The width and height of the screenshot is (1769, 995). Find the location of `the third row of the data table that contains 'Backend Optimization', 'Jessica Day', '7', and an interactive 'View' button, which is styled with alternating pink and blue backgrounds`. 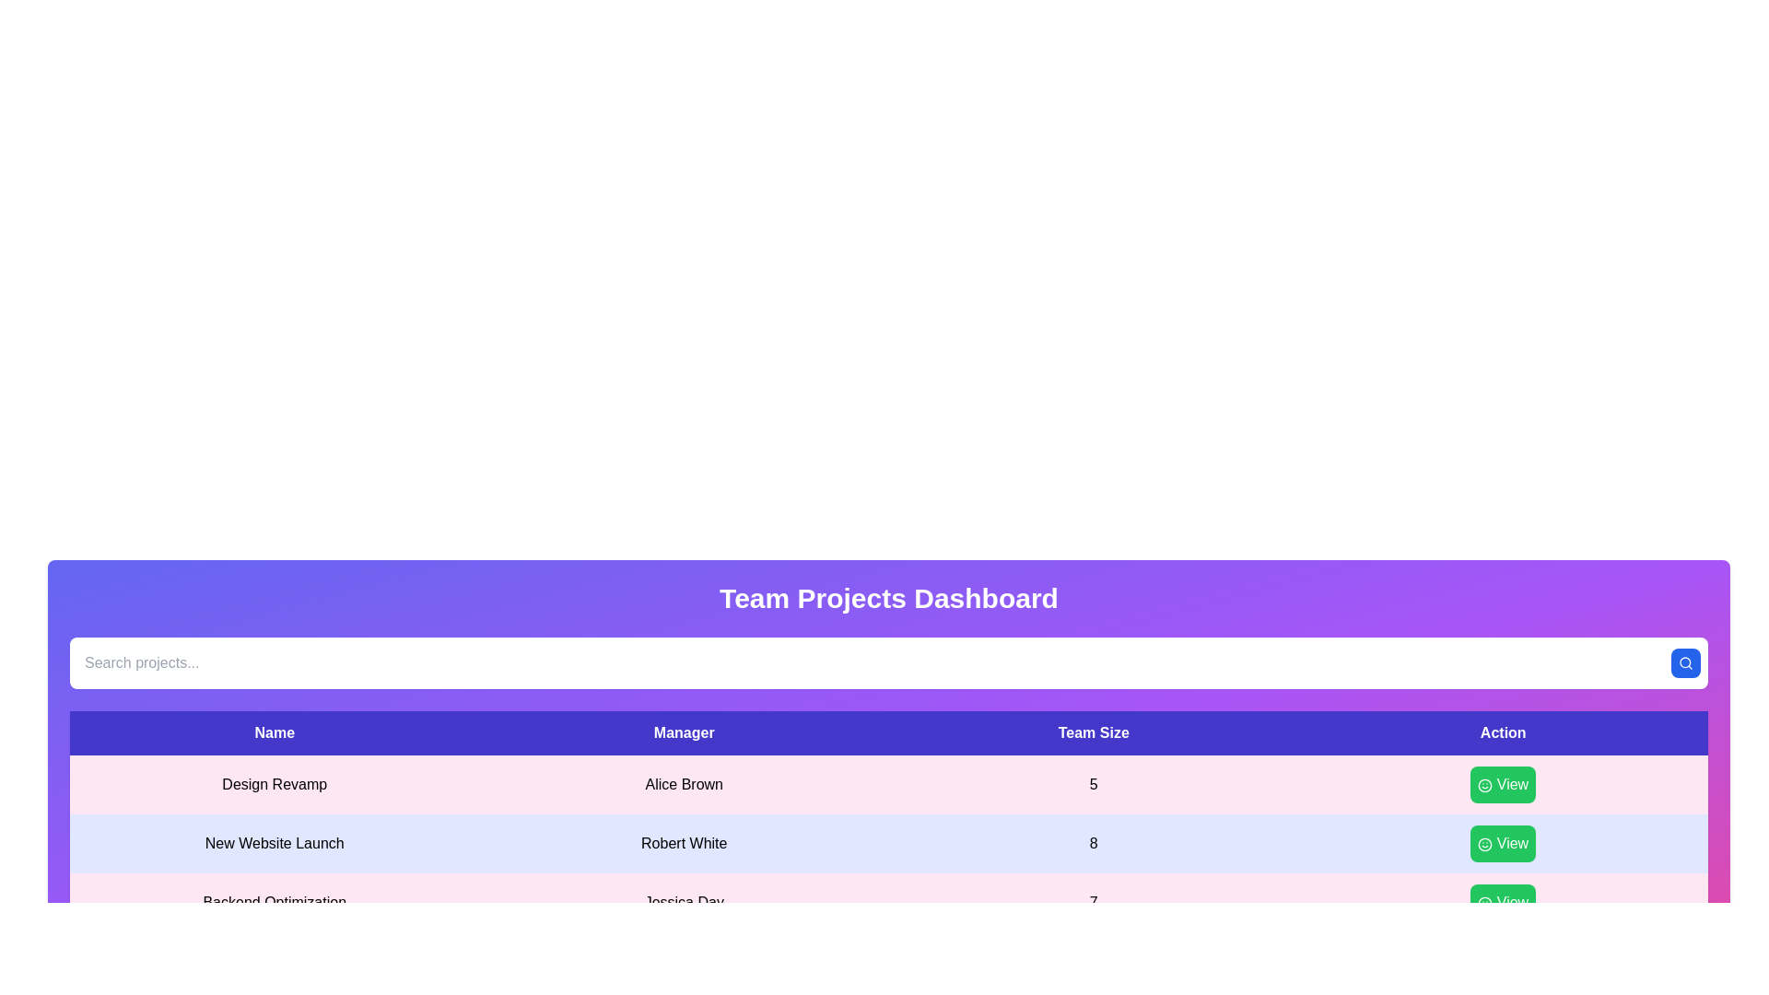

the third row of the data table that contains 'Backend Optimization', 'Jessica Day', '7', and an interactive 'View' button, which is styled with alternating pink and blue backgrounds is located at coordinates (888, 901).